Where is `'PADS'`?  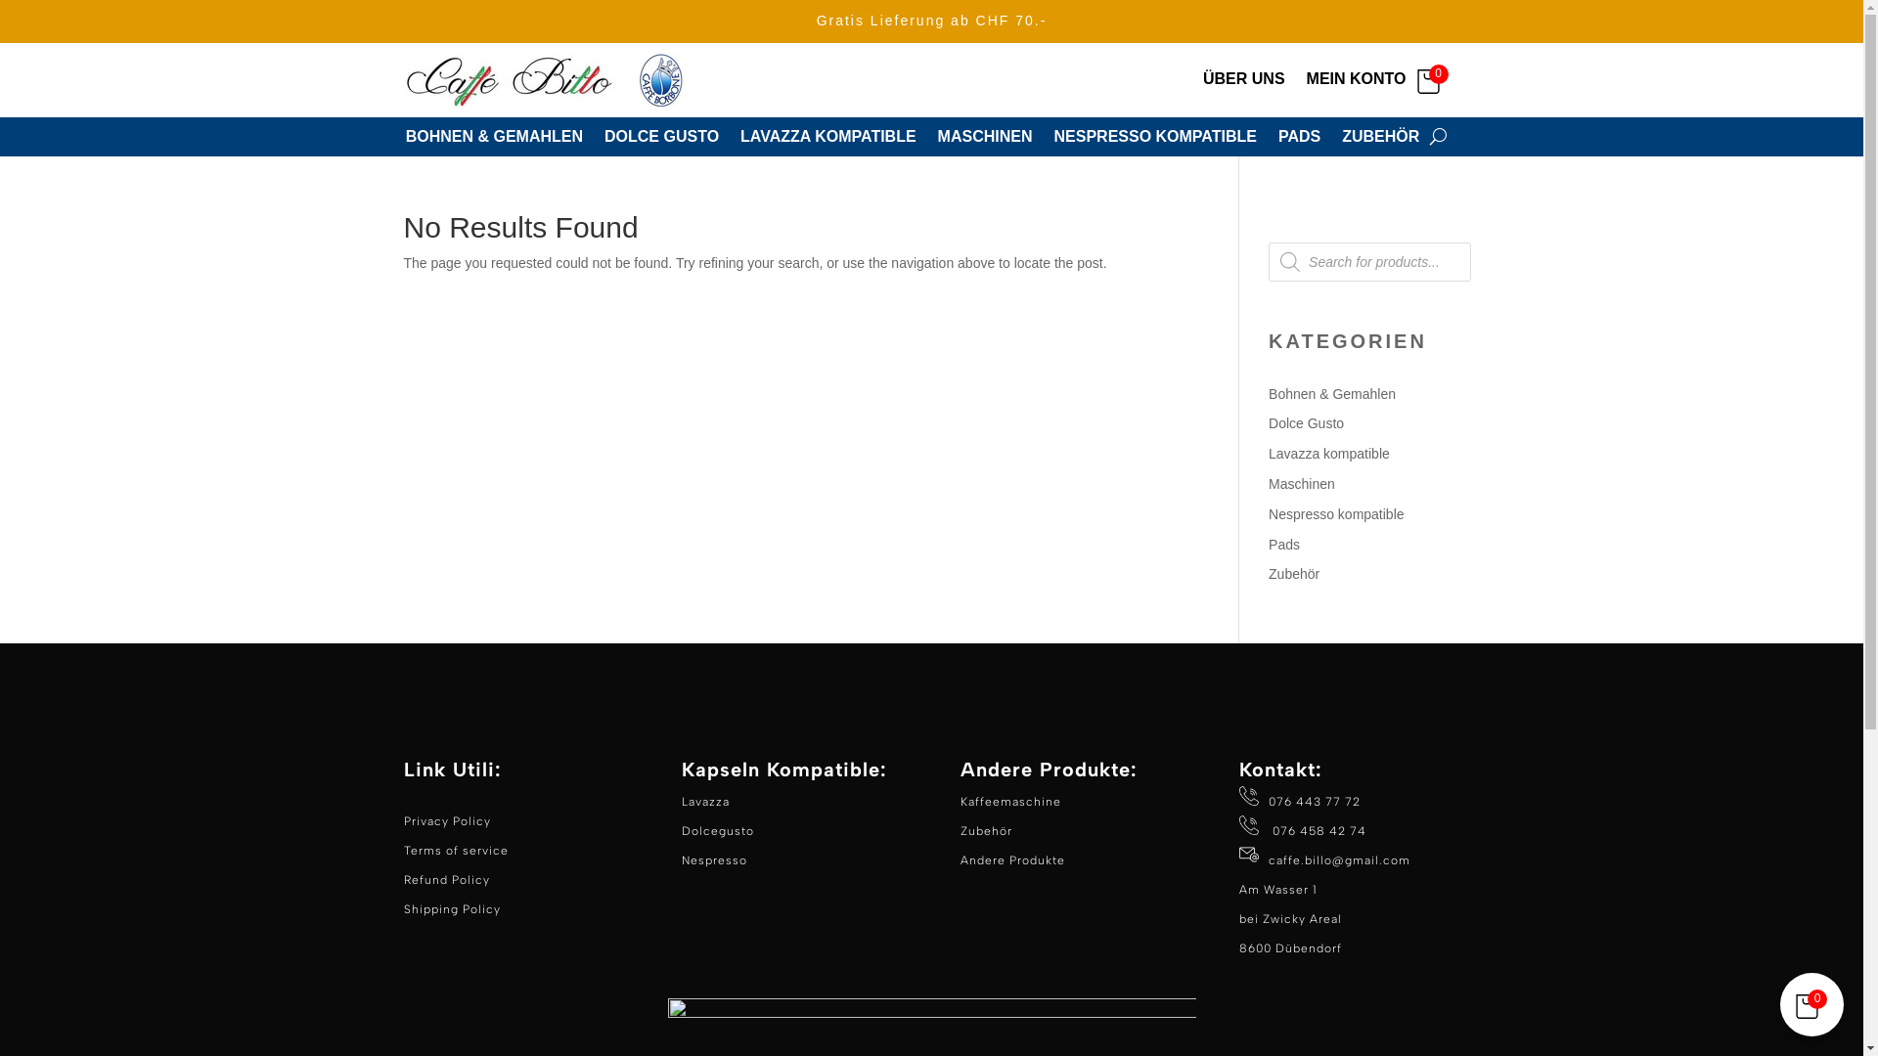
'PADS' is located at coordinates (1299, 139).